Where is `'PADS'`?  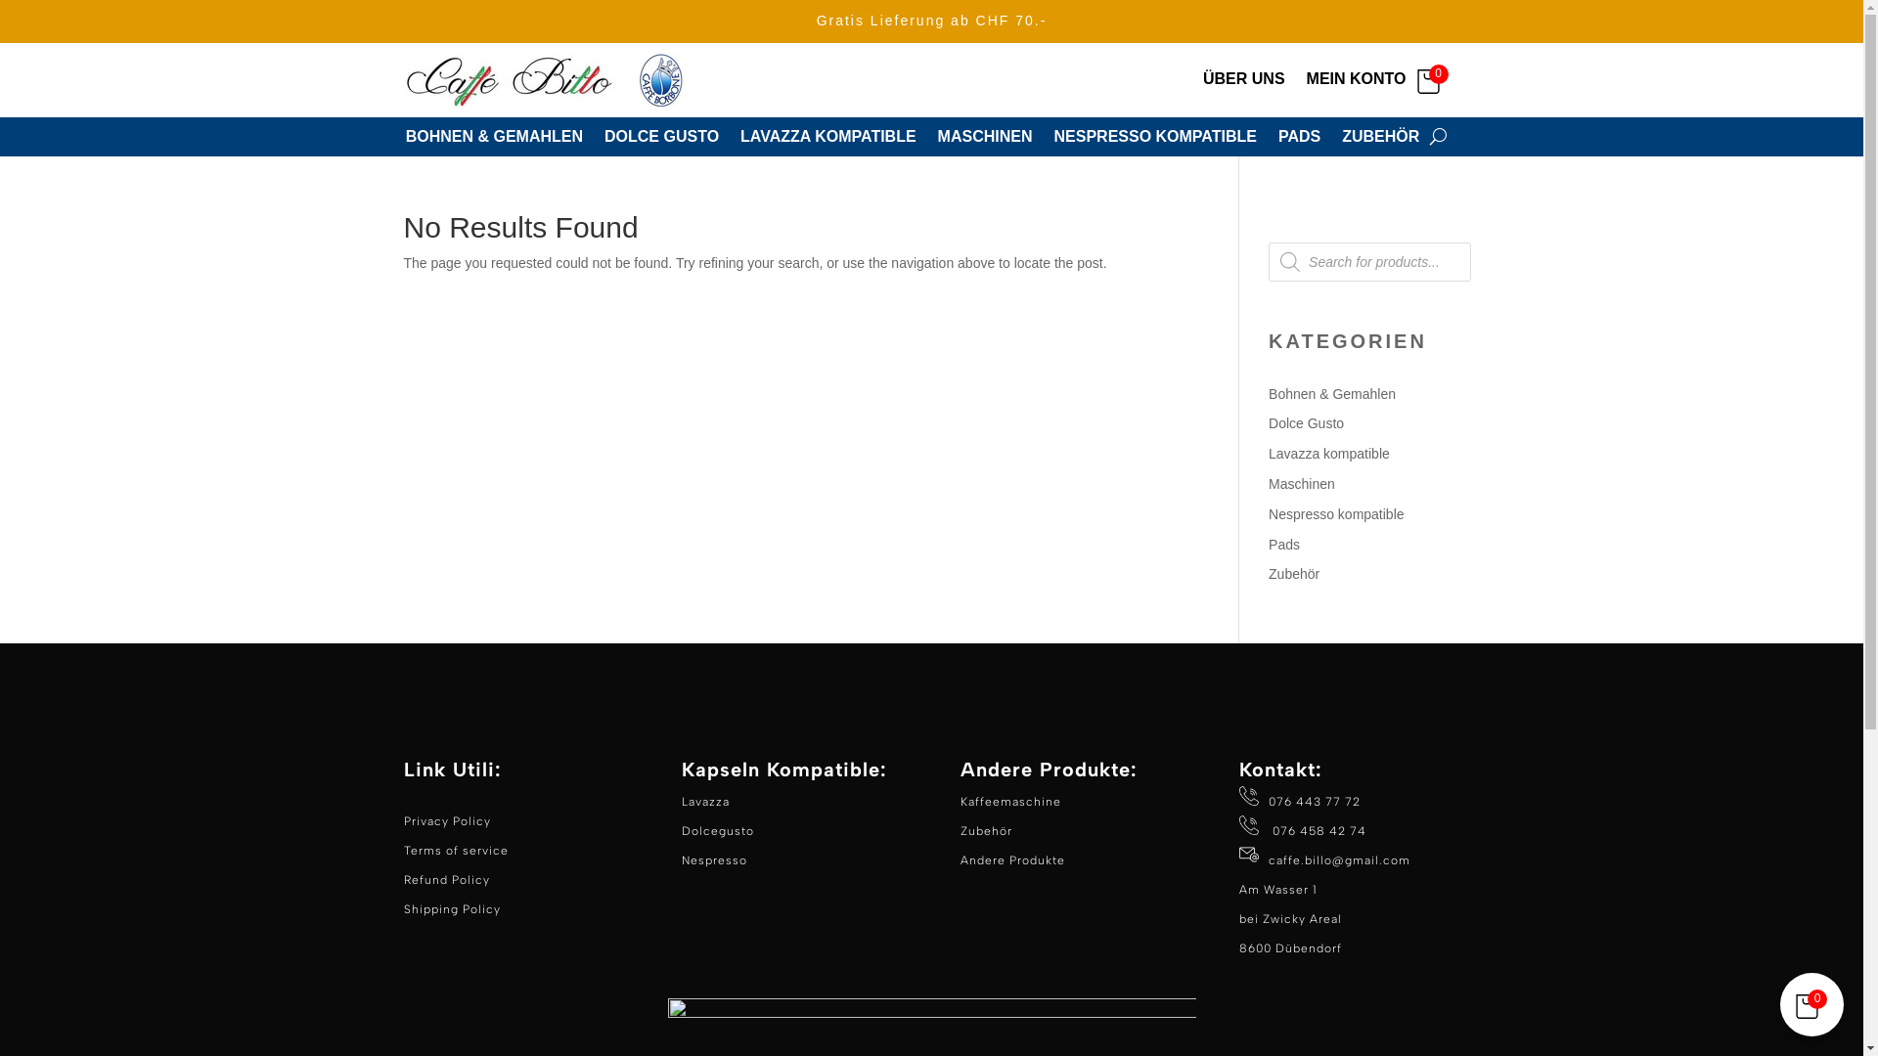
'PADS' is located at coordinates (1299, 139).